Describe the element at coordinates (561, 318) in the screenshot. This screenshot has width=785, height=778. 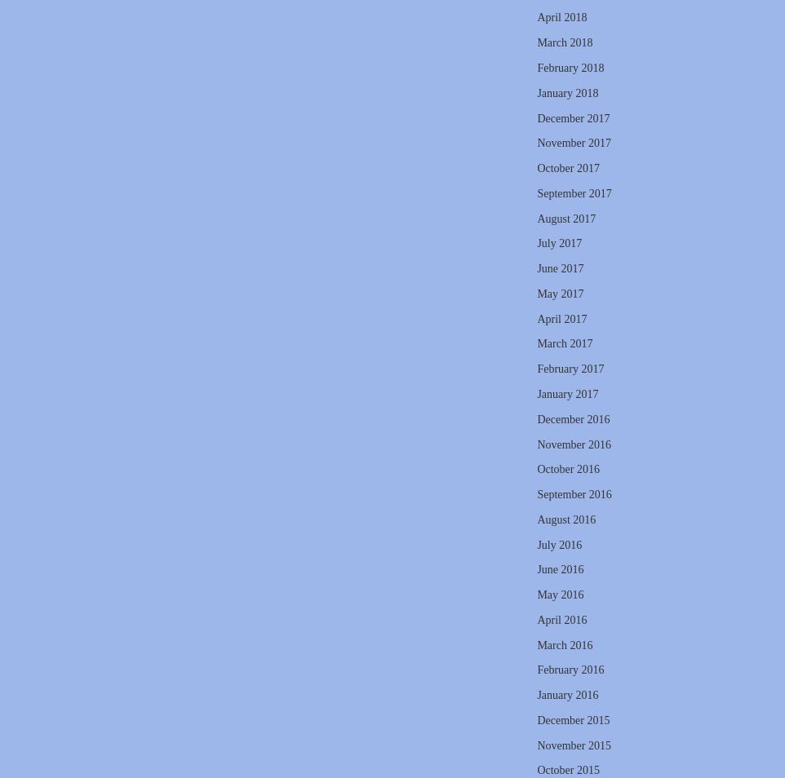
I see `'April 2017'` at that location.